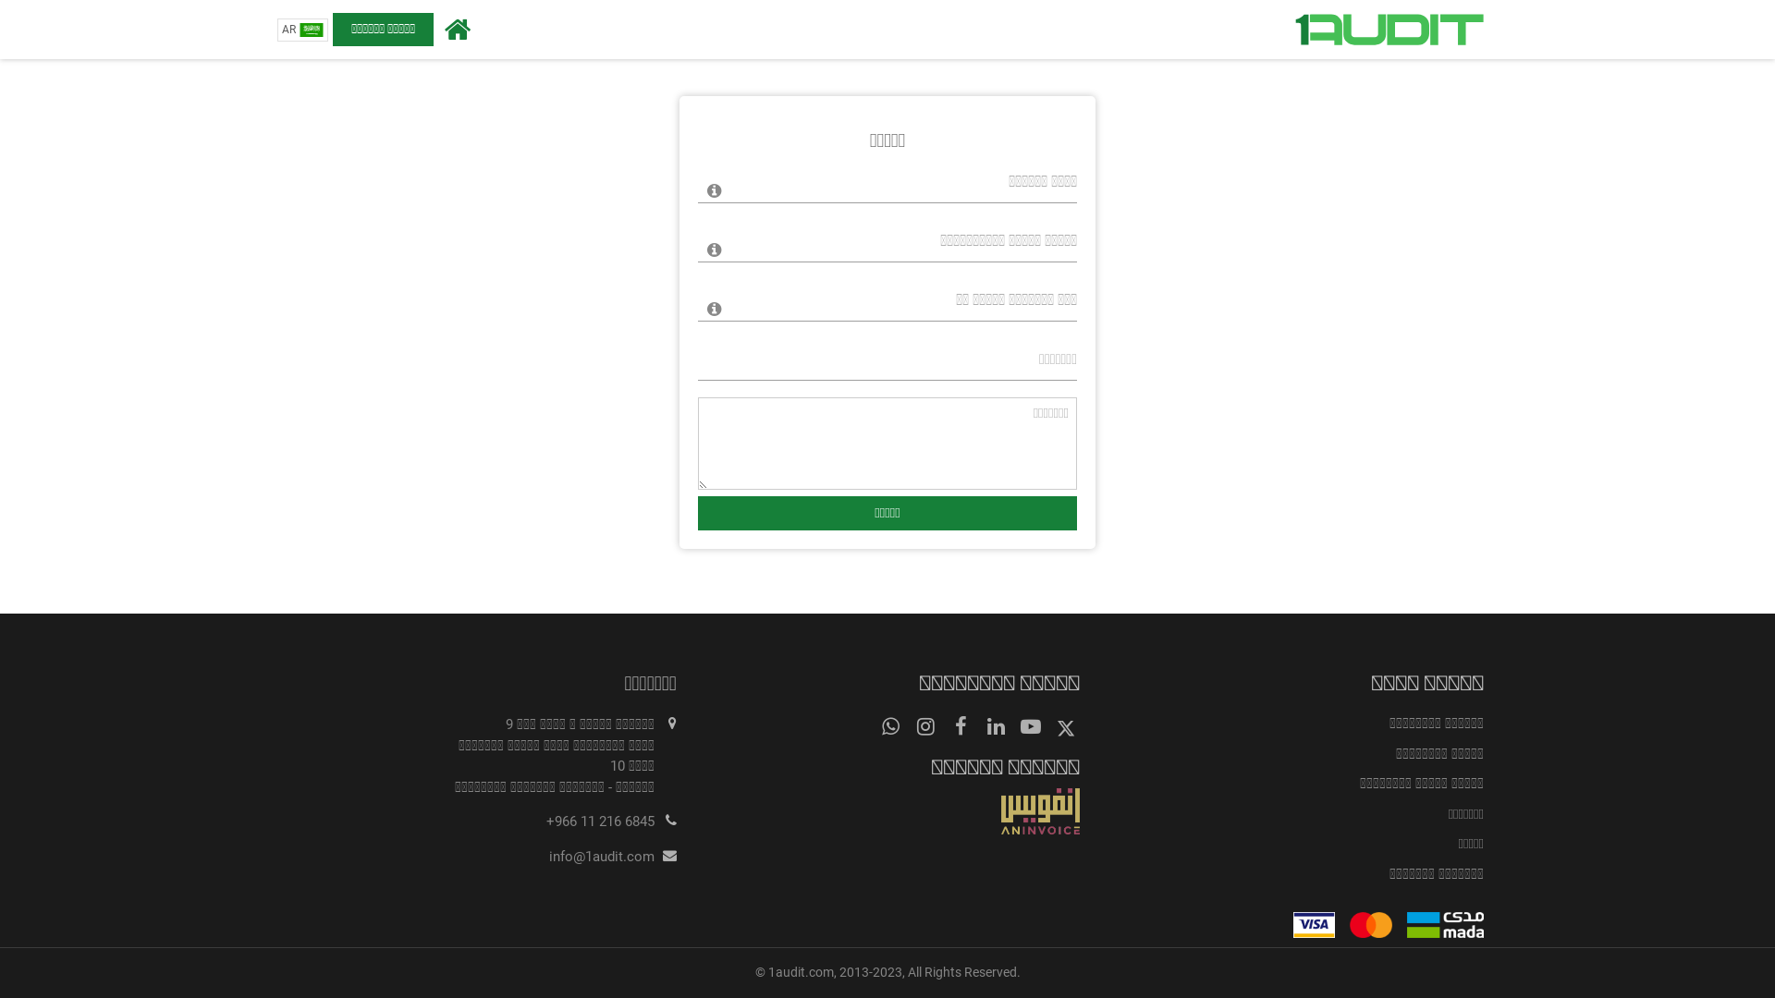 The height and width of the screenshot is (998, 1775). What do you see at coordinates (1051, 725) in the screenshot?
I see `'twitter / X'` at bounding box center [1051, 725].